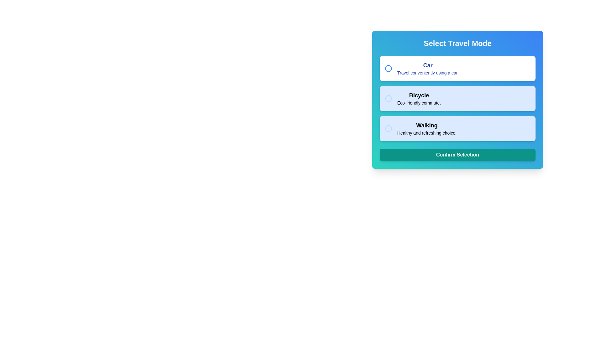 The width and height of the screenshot is (602, 338). Describe the element at coordinates (457, 100) in the screenshot. I see `the light blue rectangular button labeled 'Bicycle' within the selection dialog titled 'Select Travel Mode' to activate further actions` at that location.